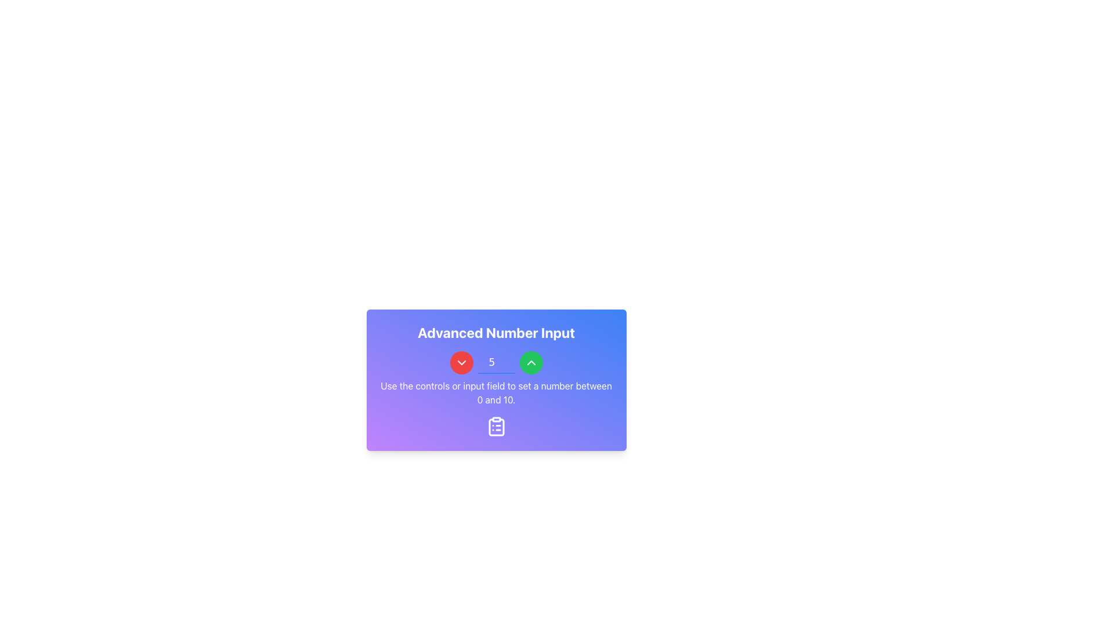  Describe the element at coordinates (496, 427) in the screenshot. I see `the clipboard icon with a list, which is displayed in white against a gradient blue and purple background, located in the lower part of the Advanced Number Input box, centered below the instruction text` at that location.